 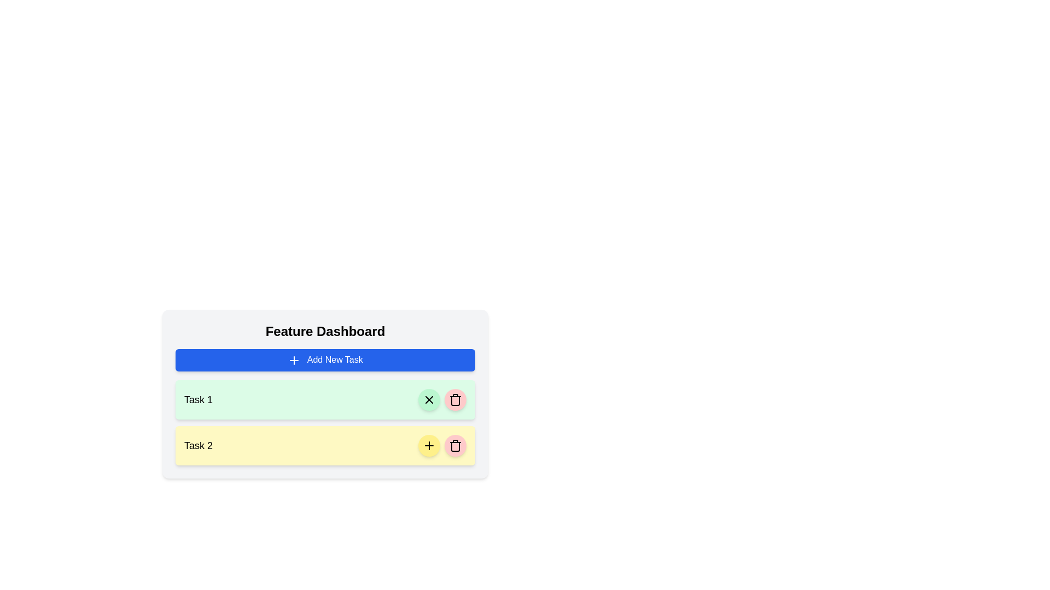 What do you see at coordinates (456, 445) in the screenshot?
I see `the delete button located at the far right of the yellow task item section in the task list` at bounding box center [456, 445].